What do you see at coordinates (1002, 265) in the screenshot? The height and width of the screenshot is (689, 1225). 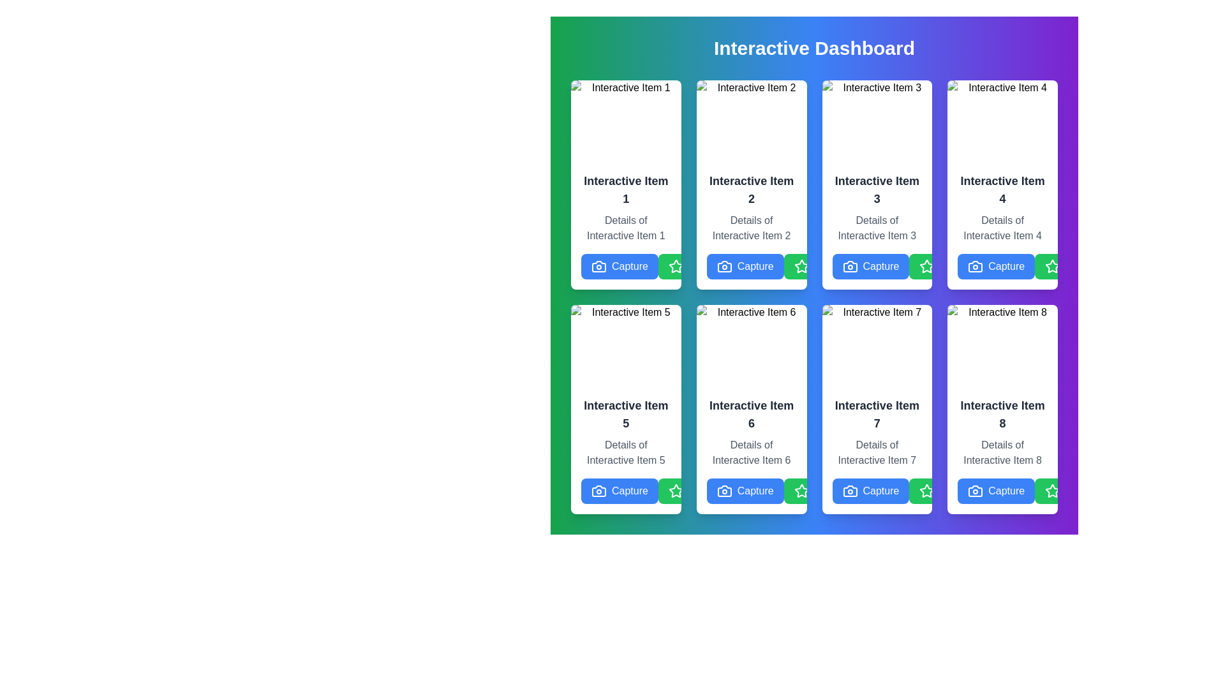 I see `the 'capture' button located in the top-right corner of the 'Interactive Item 4' card to observe the hover effects` at bounding box center [1002, 265].